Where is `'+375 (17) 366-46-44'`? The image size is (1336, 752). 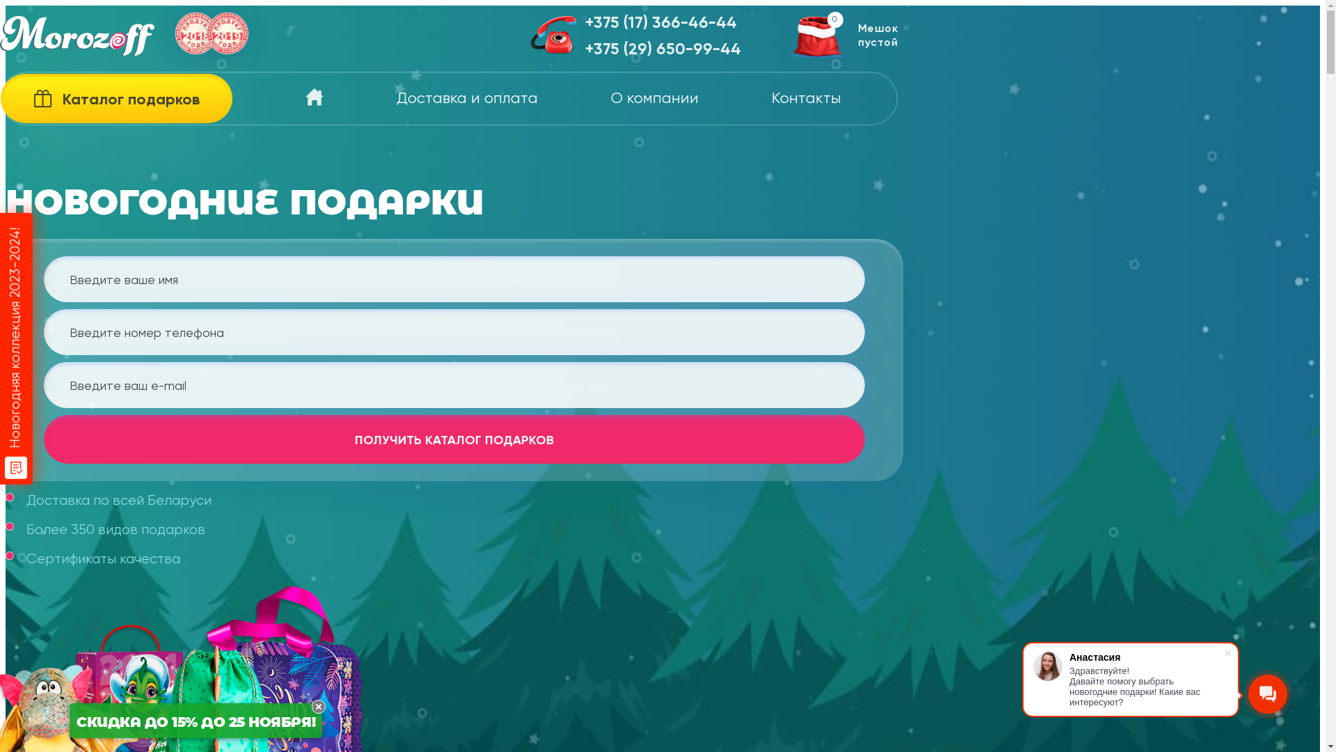 '+375 (17) 366-46-44' is located at coordinates (662, 23).